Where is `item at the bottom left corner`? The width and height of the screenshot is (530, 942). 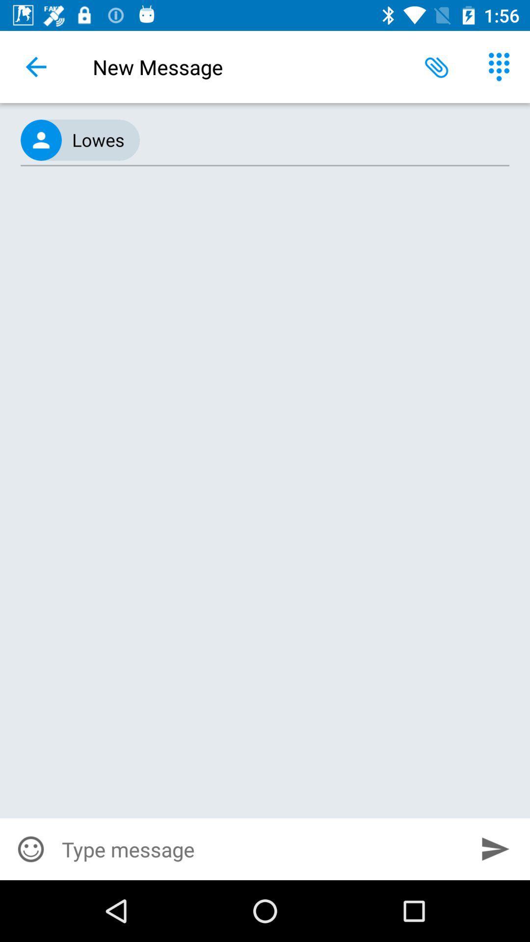 item at the bottom left corner is located at coordinates (30, 849).